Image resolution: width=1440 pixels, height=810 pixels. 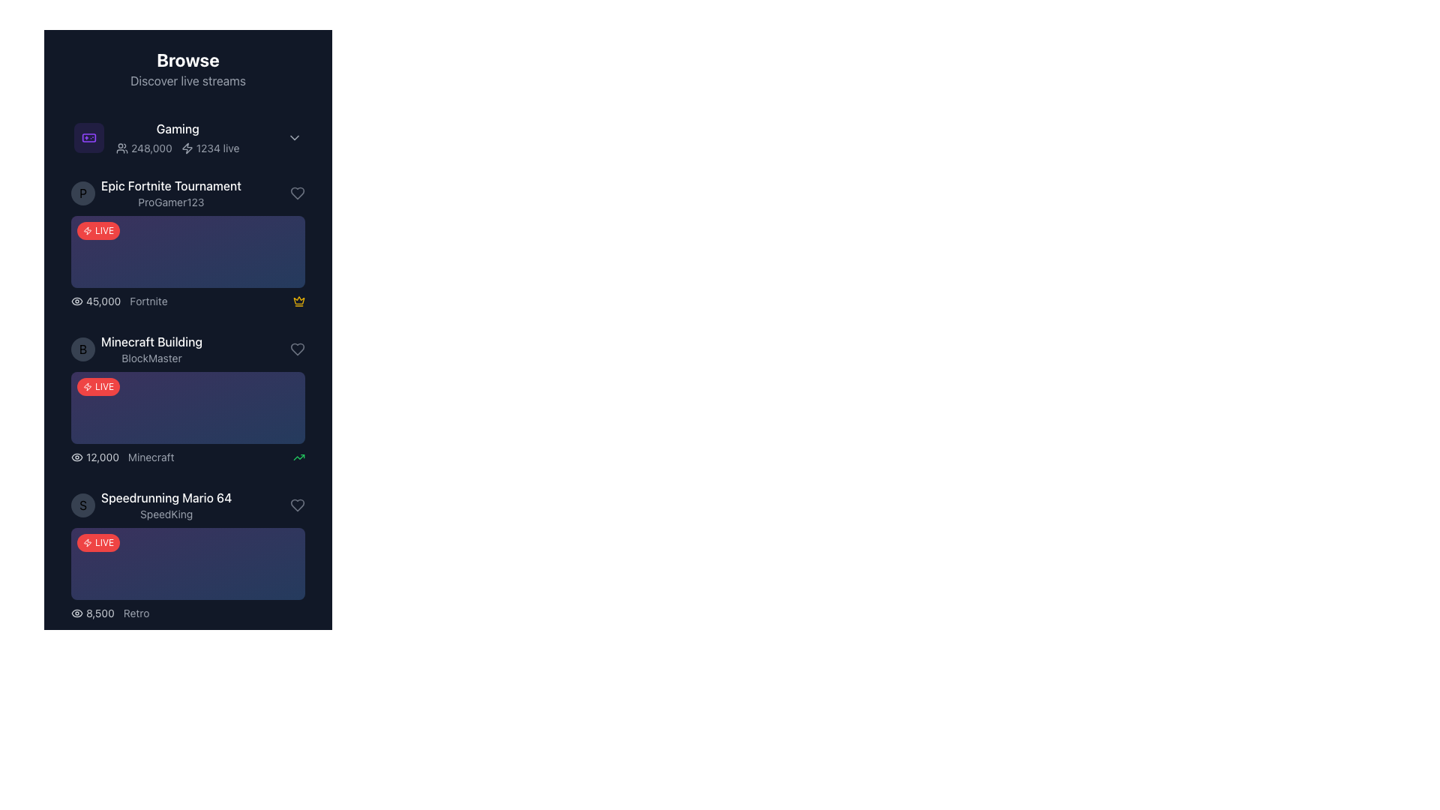 I want to click on the visibility icon located in the 'Minecraft Building' section, which is positioned next to the '12,000' viewer text, so click(x=76, y=456).